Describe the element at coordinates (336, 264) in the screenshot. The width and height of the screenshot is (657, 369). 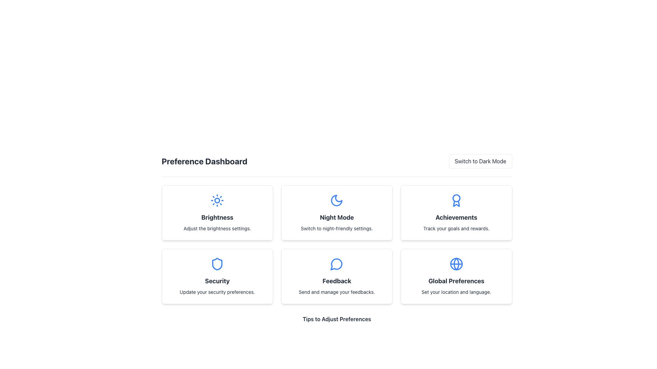
I see `the feedback icon located at the center of the 'Feedback' card, which is the central card in the bottom row of three cards in the main content grid` at that location.